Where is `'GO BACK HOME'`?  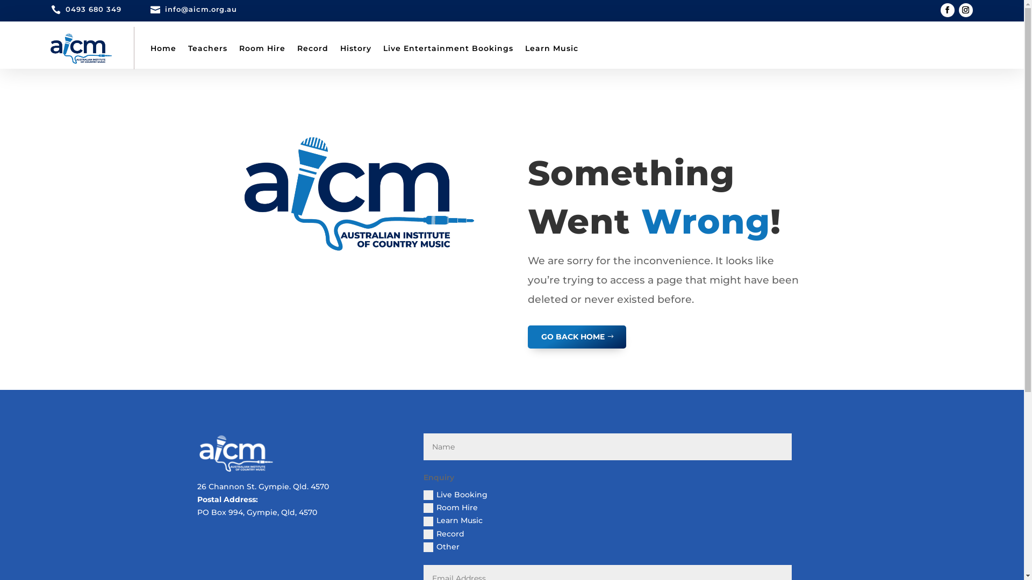
'GO BACK HOME' is located at coordinates (576, 337).